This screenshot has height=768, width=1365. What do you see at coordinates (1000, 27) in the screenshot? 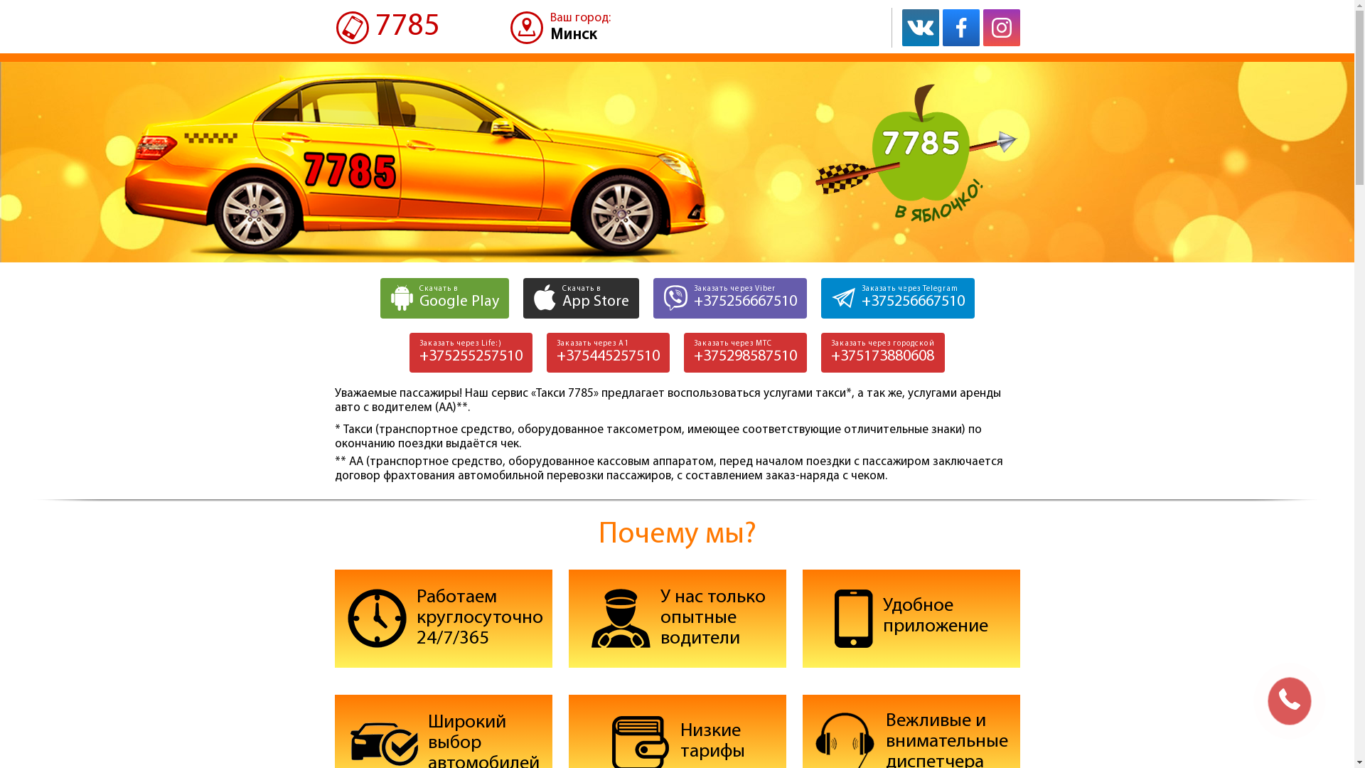
I see `'Instagram'` at bounding box center [1000, 27].